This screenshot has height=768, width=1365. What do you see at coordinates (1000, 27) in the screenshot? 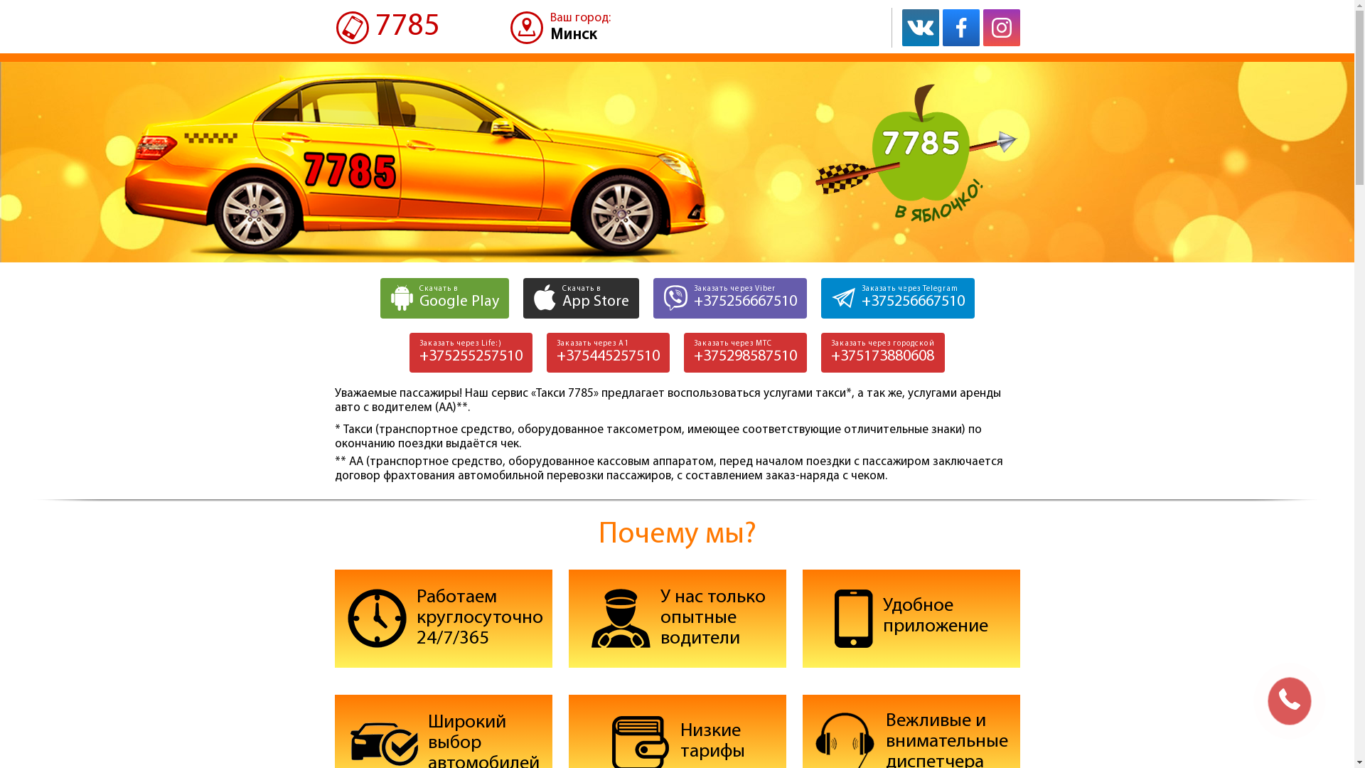
I see `'Instagram'` at bounding box center [1000, 27].